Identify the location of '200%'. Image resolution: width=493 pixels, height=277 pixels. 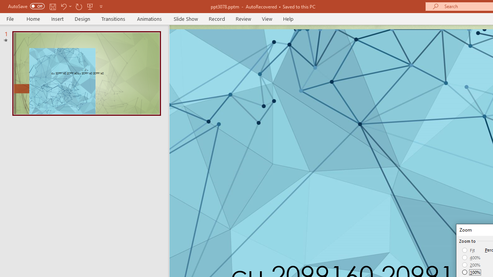
(471, 265).